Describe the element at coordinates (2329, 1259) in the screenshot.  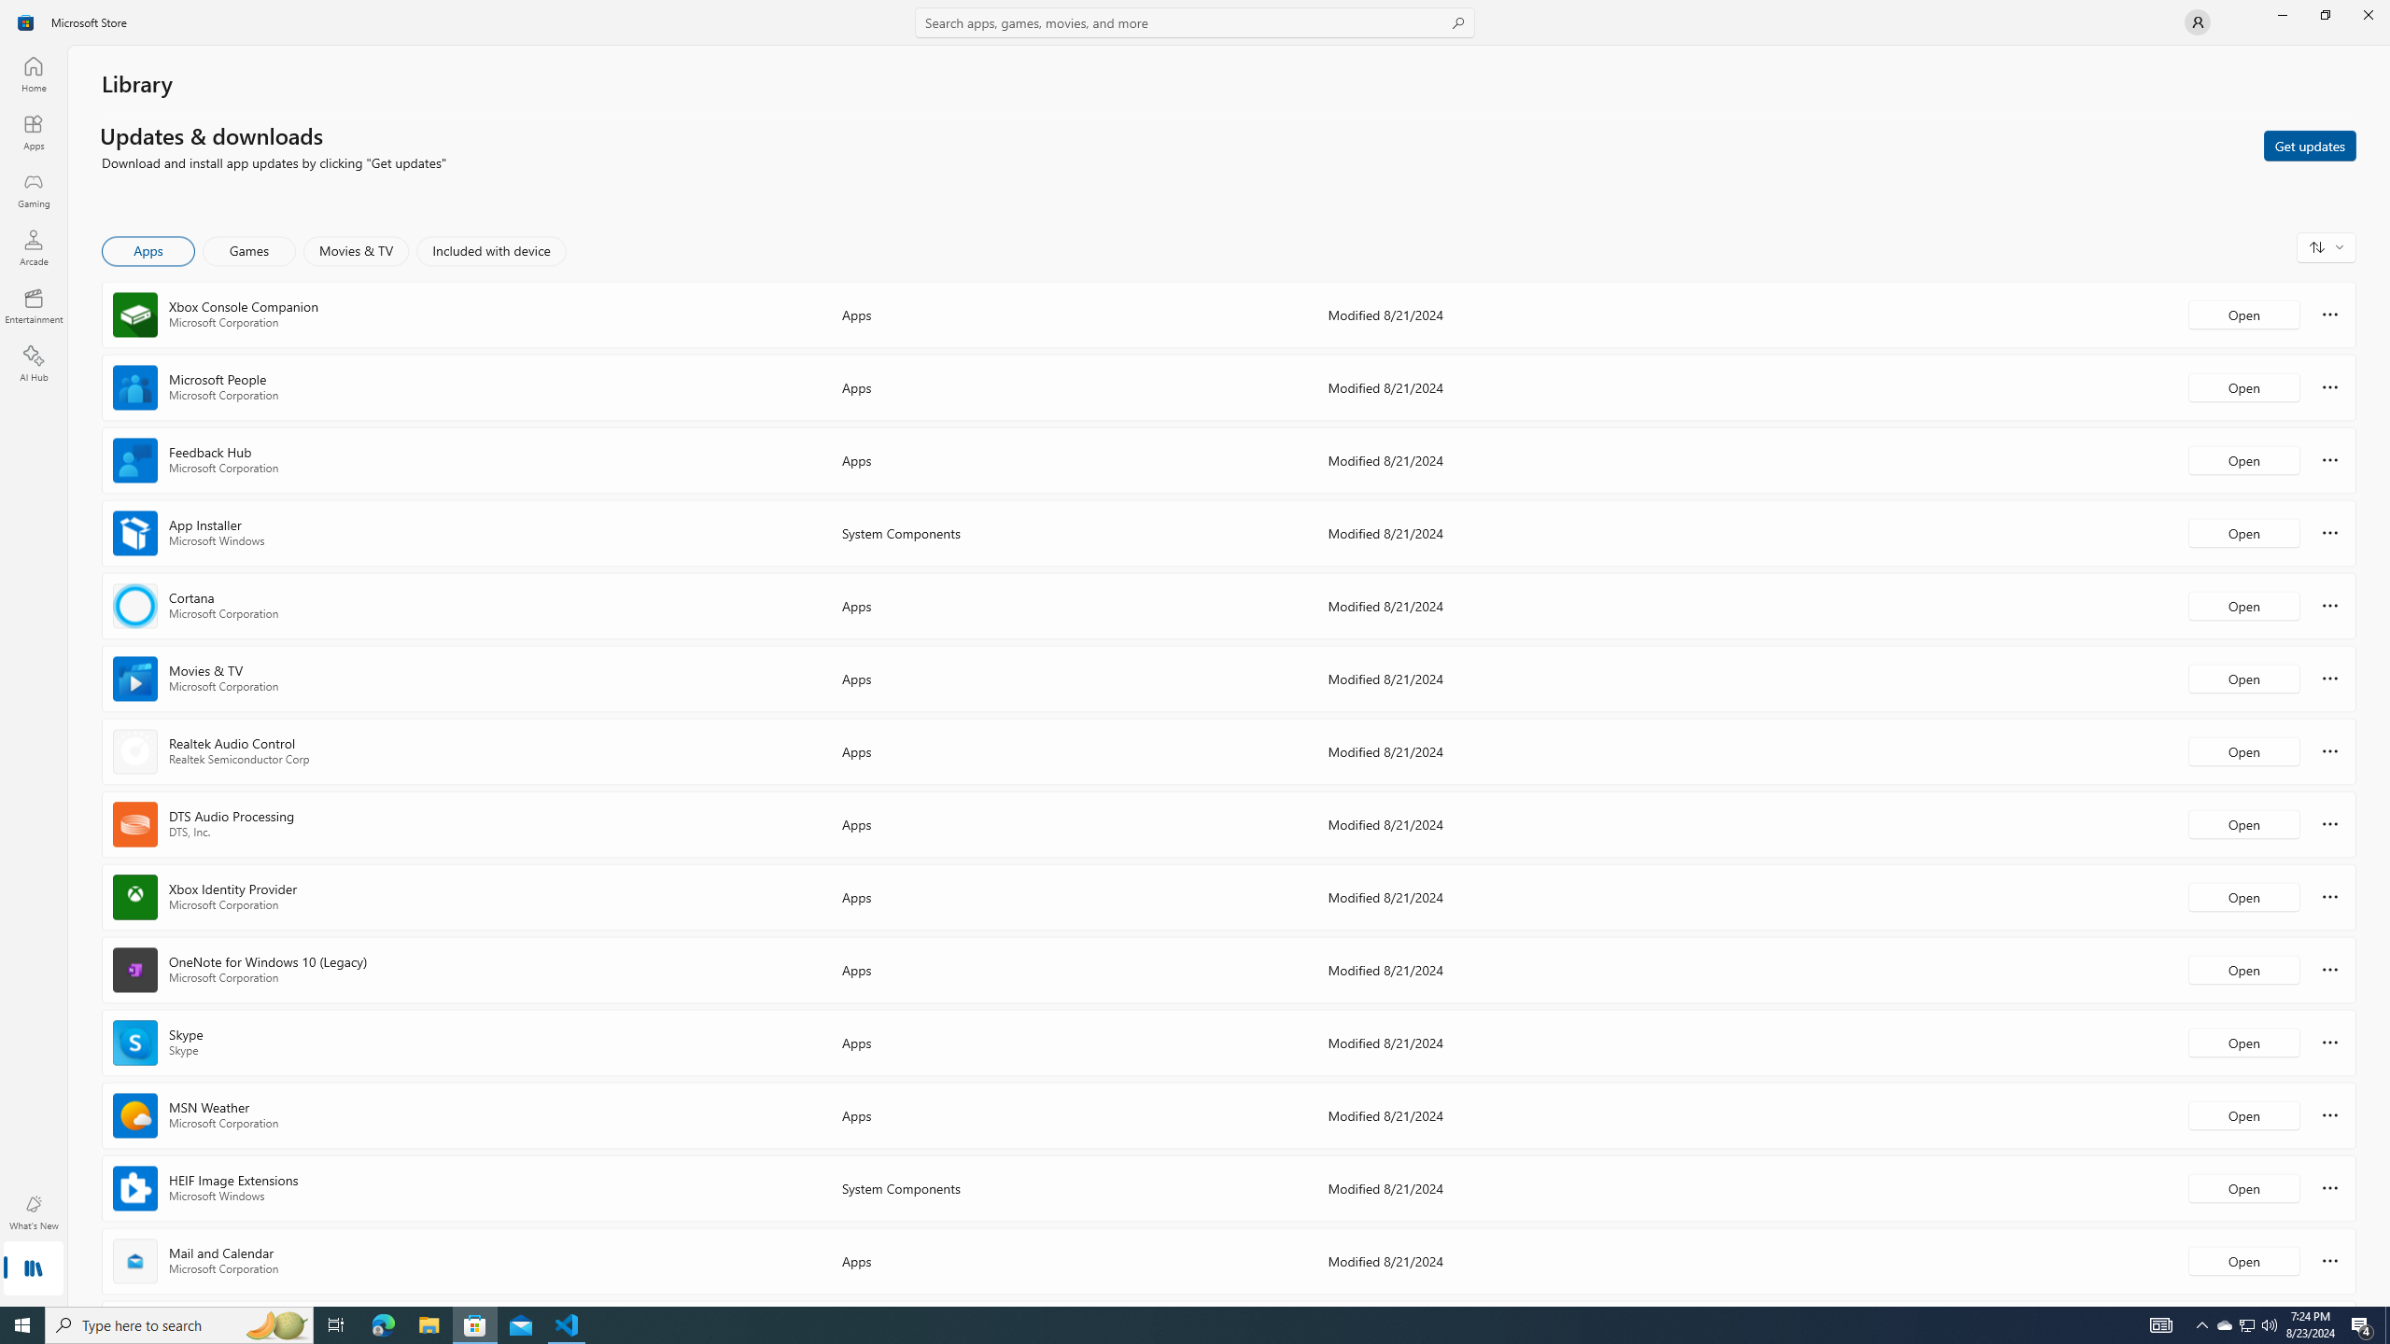
I see `'More options'` at that location.